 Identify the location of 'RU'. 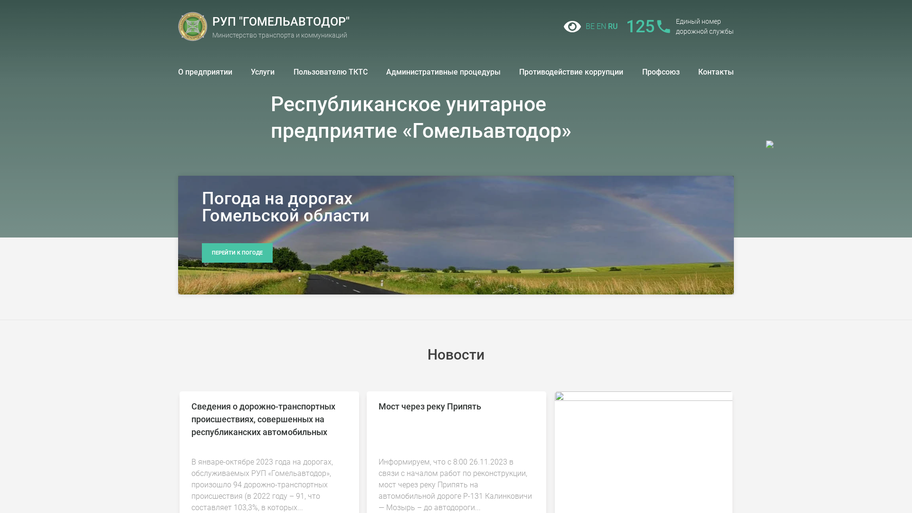
(613, 26).